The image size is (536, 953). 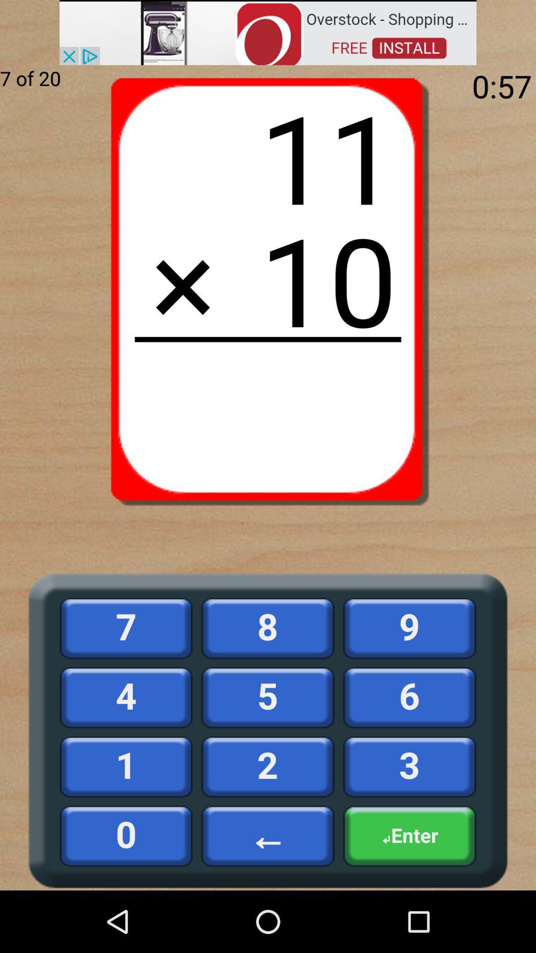 What do you see at coordinates (409, 628) in the screenshot?
I see `the 9 button` at bounding box center [409, 628].